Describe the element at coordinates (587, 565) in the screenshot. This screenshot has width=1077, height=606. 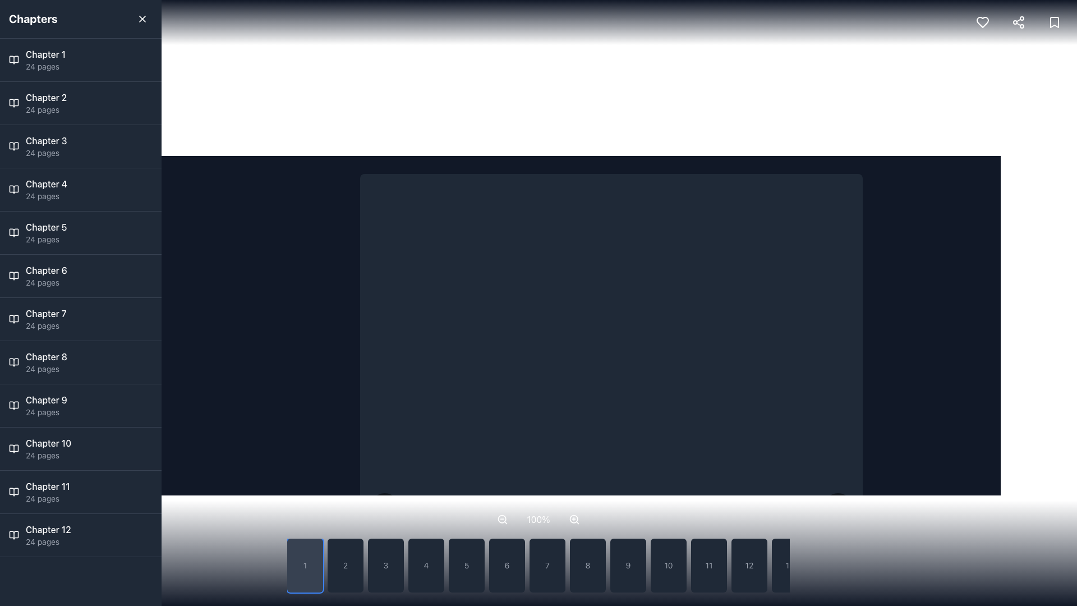
I see `the button representing the number 8, which is the eighth element in a horizontal list of numeric options, located towards the bottom of the interface` at that location.